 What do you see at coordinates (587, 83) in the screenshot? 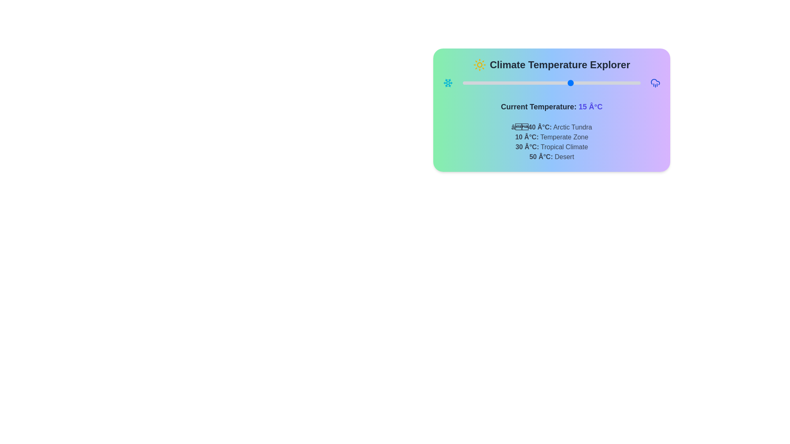
I see `the slider to set the temperature to 23 degrees Celsius` at bounding box center [587, 83].